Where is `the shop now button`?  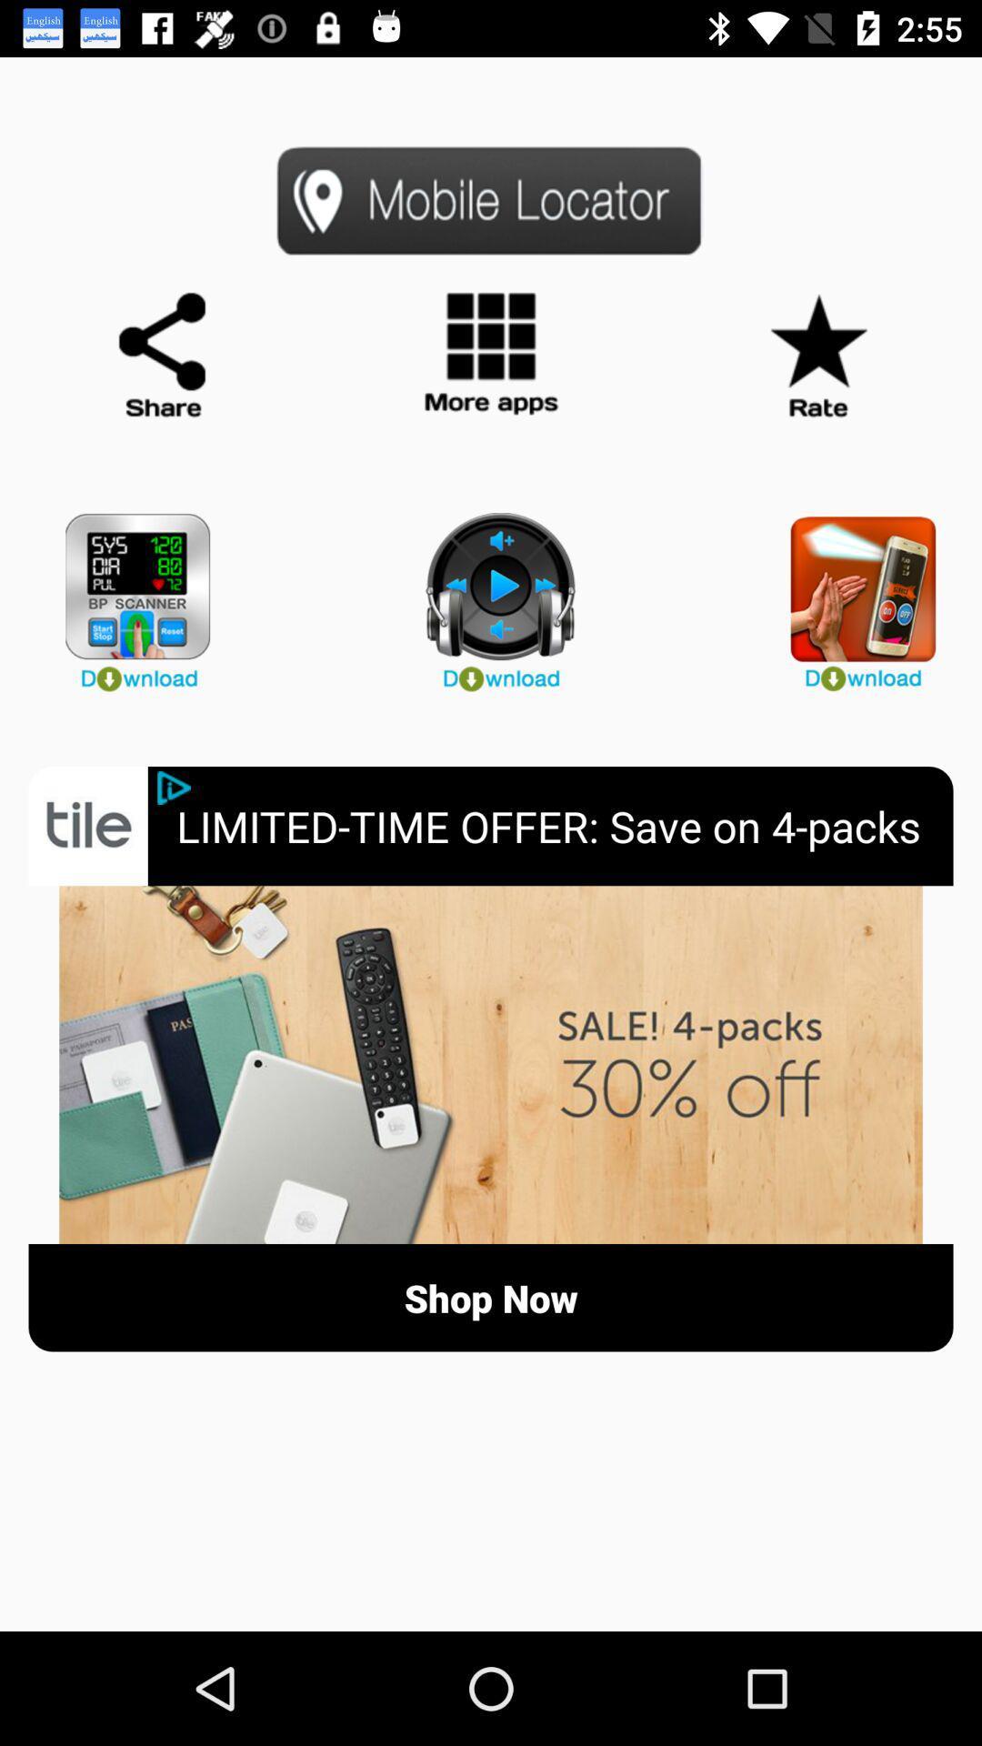 the shop now button is located at coordinates (491, 1297).